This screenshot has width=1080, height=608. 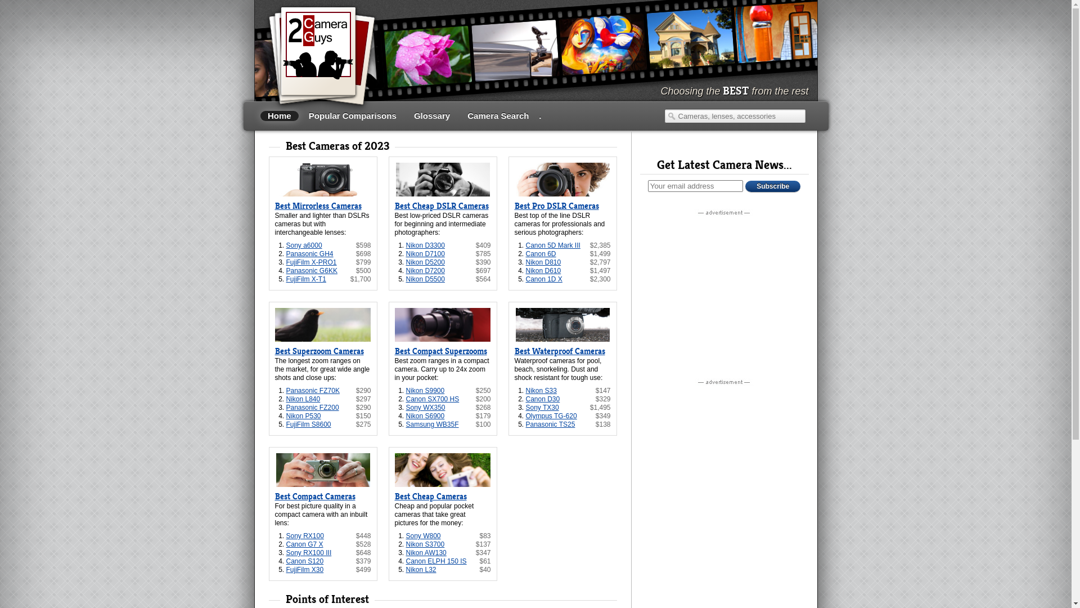 What do you see at coordinates (442, 179) in the screenshot?
I see `'Best Cheap DSLR Cameras 2023'` at bounding box center [442, 179].